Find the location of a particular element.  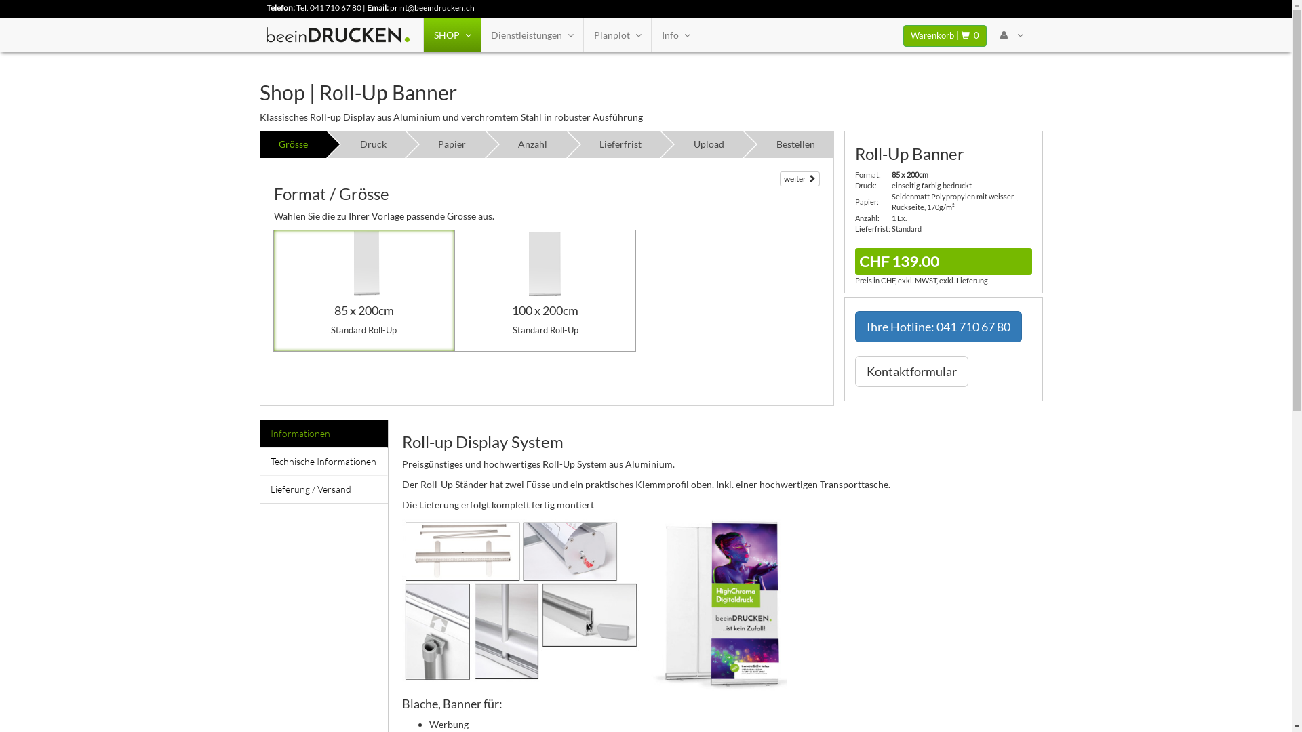

'Lieferfrist' is located at coordinates (620, 144).